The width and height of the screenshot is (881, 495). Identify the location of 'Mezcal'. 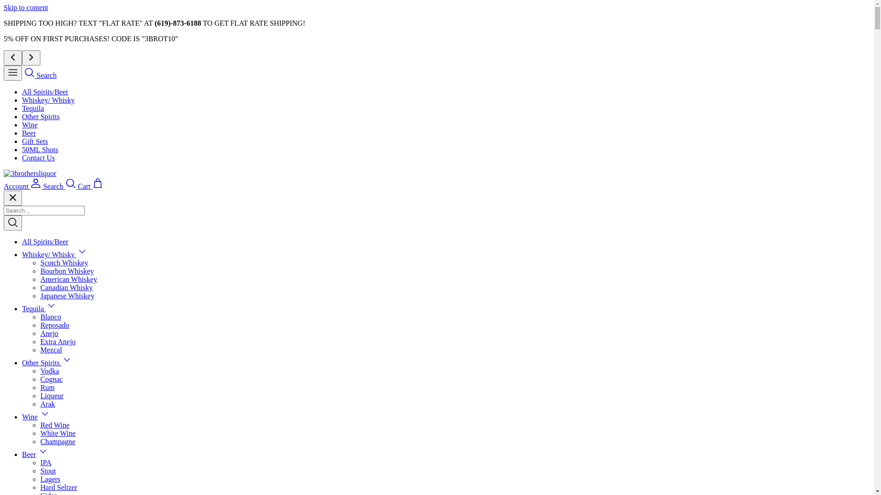
(50, 350).